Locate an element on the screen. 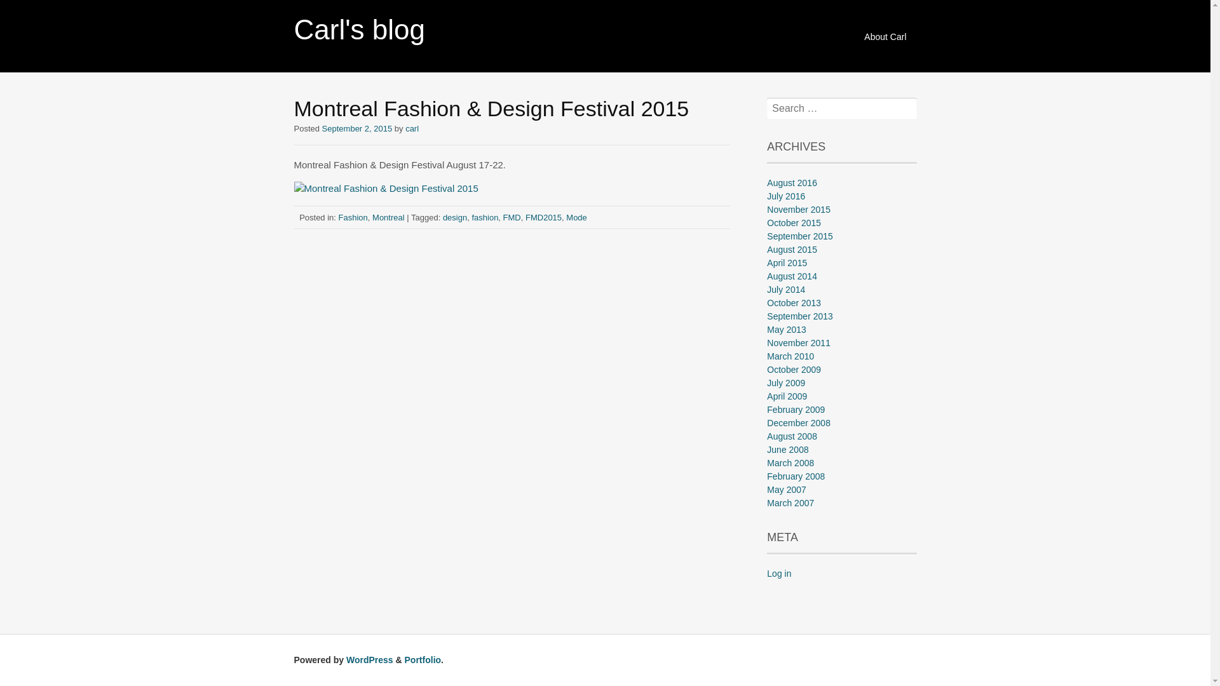 The image size is (1220, 686). 'Montreal Fashion & Design Festival 2015' is located at coordinates (384, 188).